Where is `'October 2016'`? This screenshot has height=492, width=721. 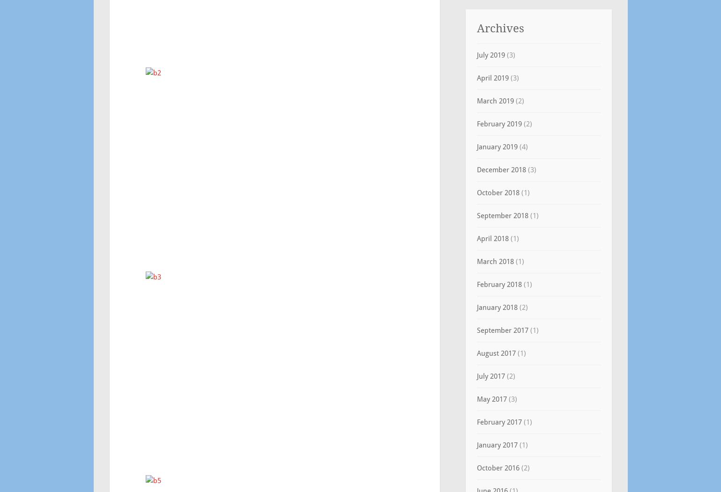 'October 2016' is located at coordinates (497, 468).